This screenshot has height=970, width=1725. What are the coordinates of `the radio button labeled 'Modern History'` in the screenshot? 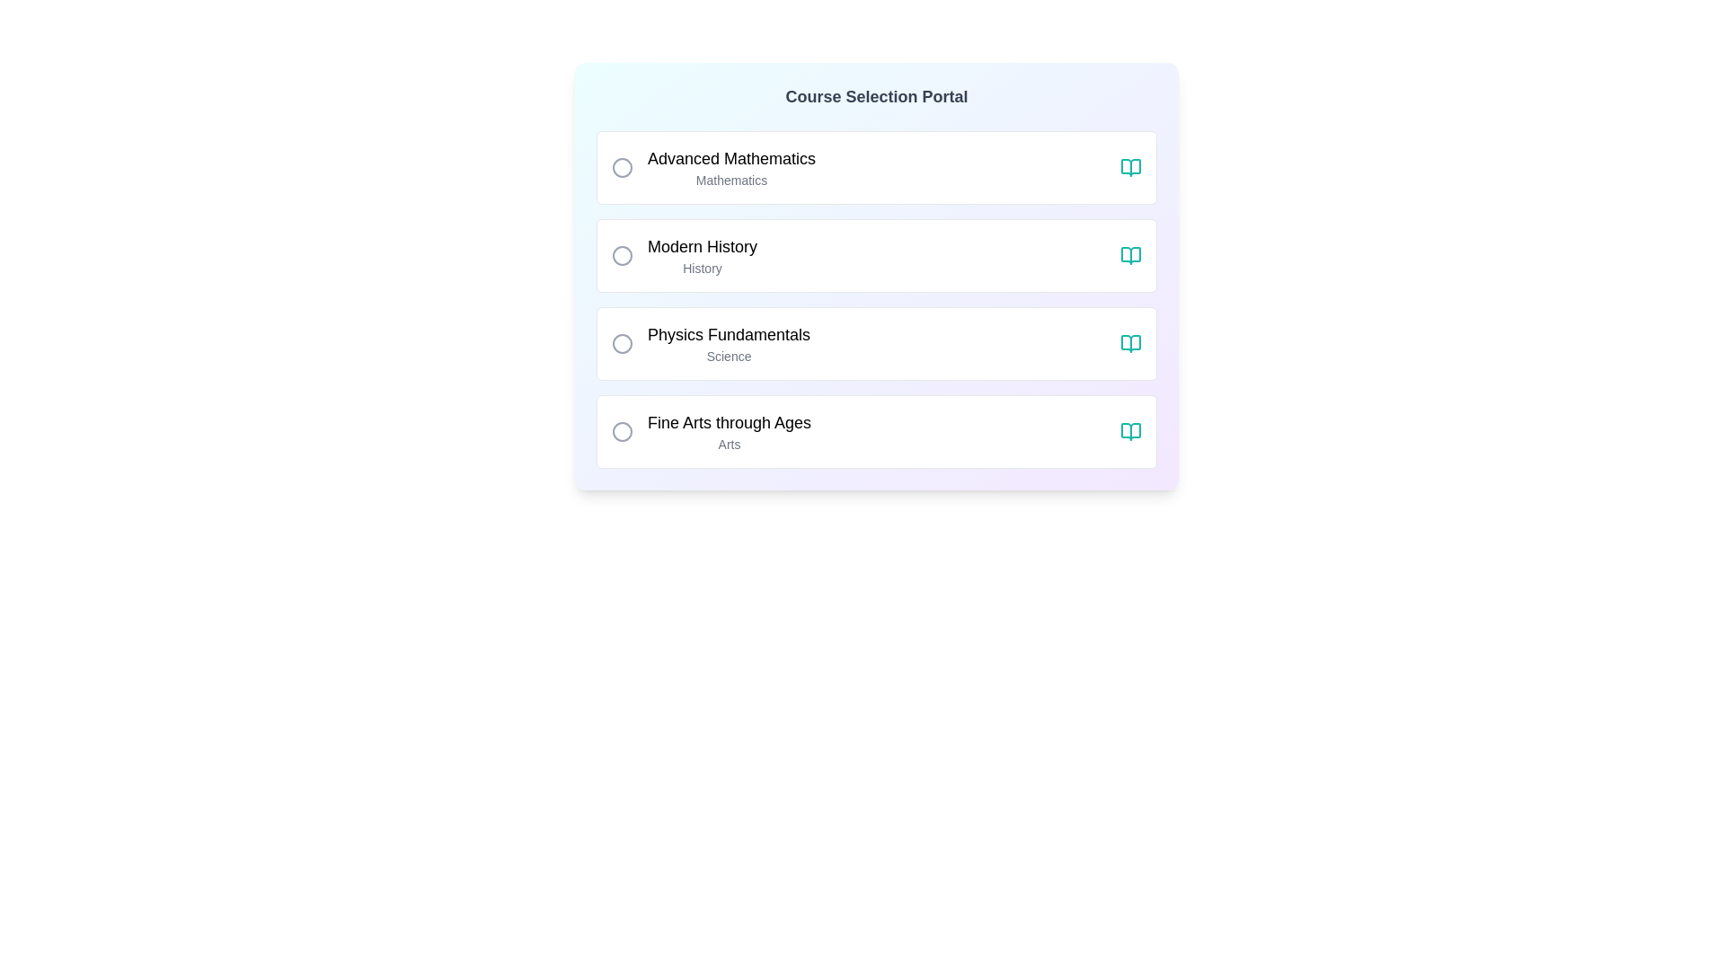 It's located at (622, 256).